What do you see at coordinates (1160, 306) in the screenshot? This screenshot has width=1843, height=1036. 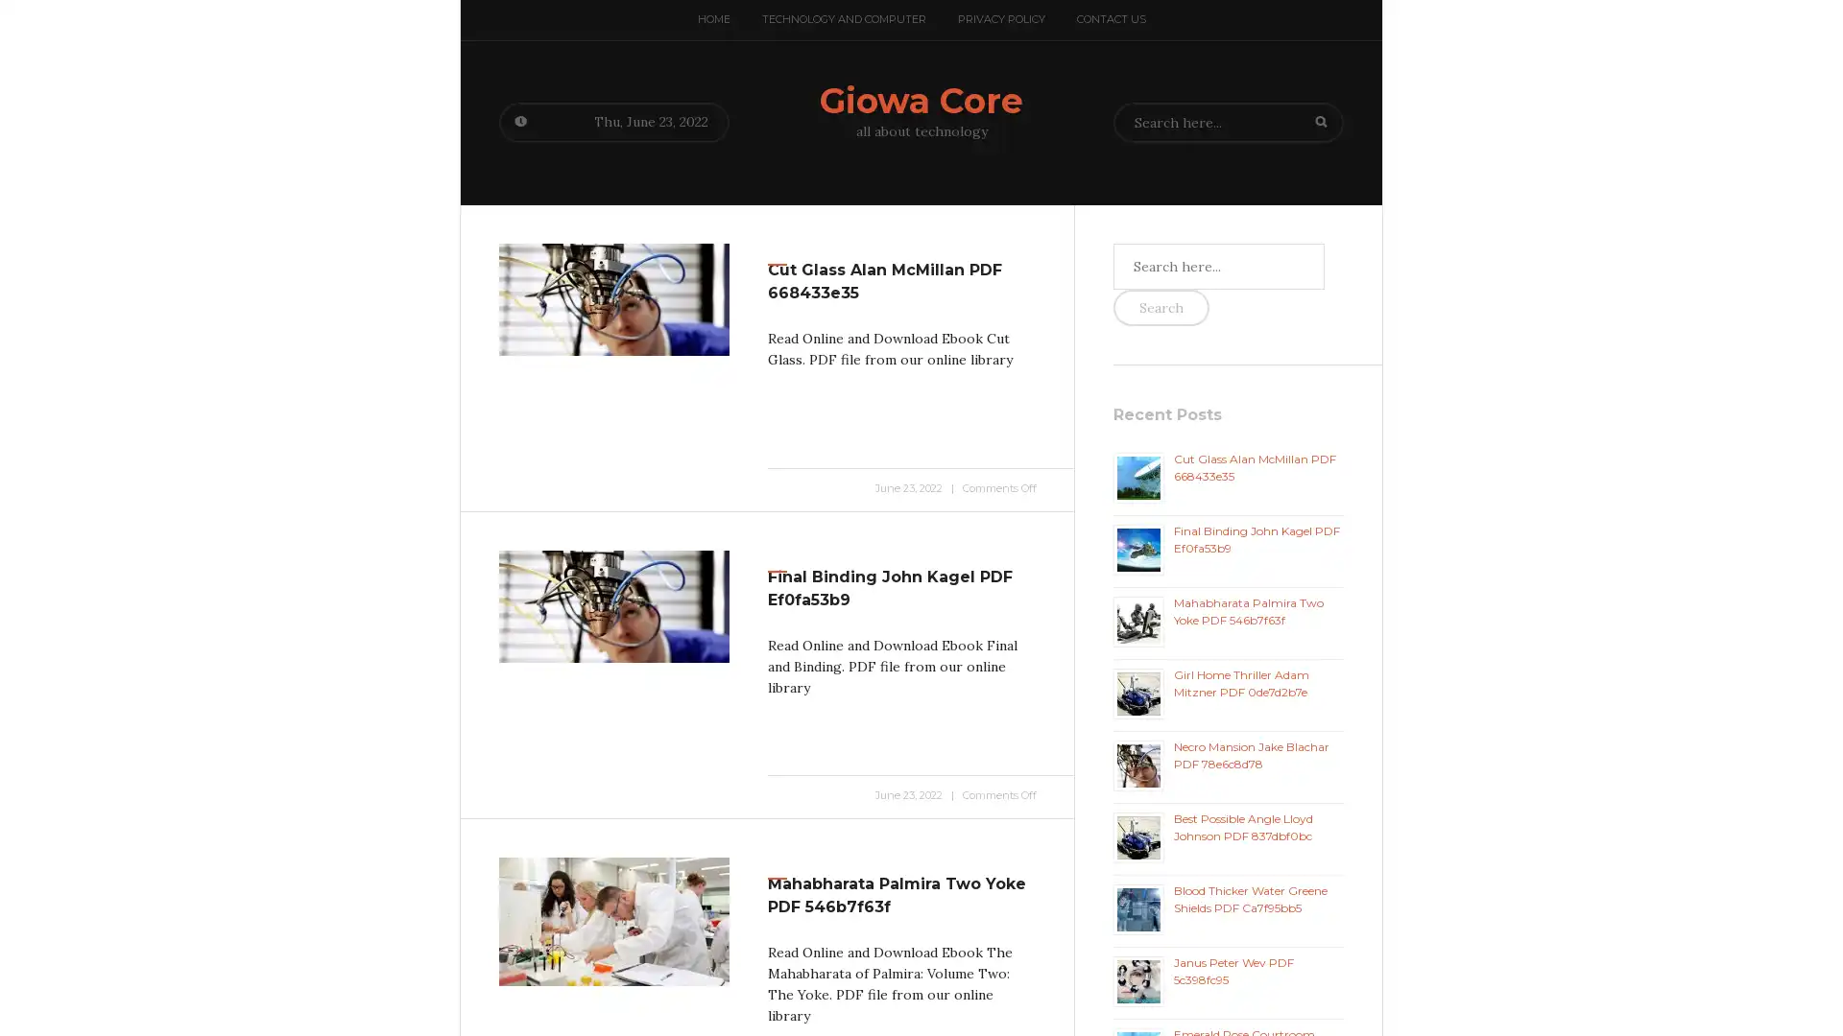 I see `Search` at bounding box center [1160, 306].